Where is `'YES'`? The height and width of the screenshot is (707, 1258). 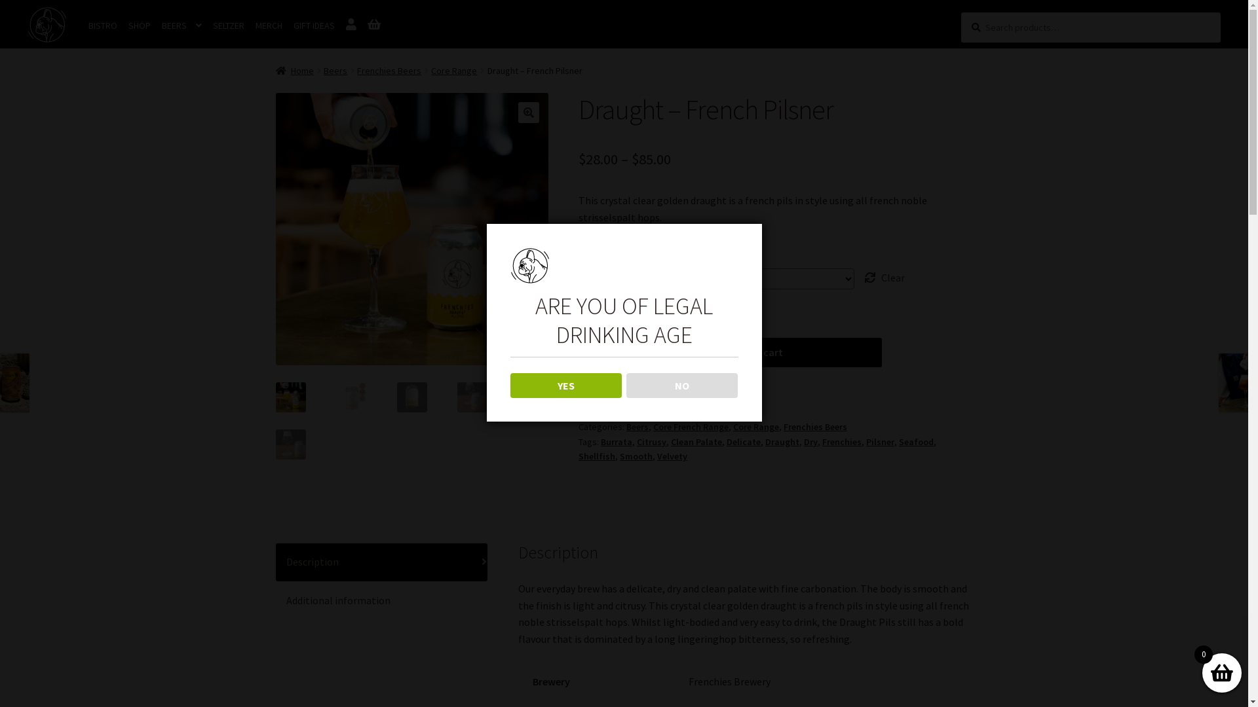
'YES' is located at coordinates (566, 385).